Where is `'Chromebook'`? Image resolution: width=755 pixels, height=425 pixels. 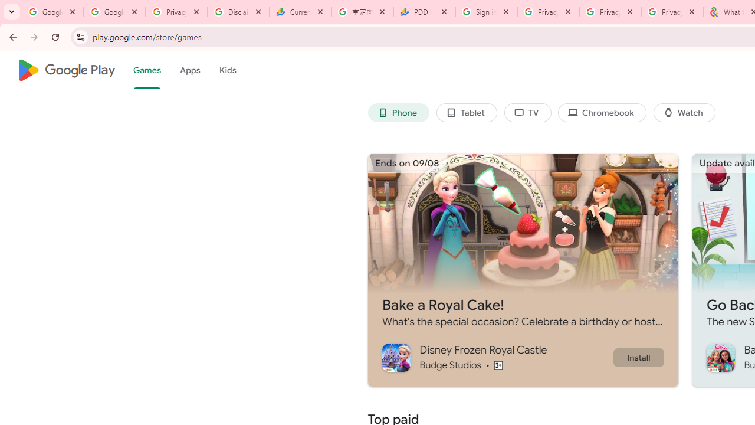 'Chromebook' is located at coordinates (602, 113).